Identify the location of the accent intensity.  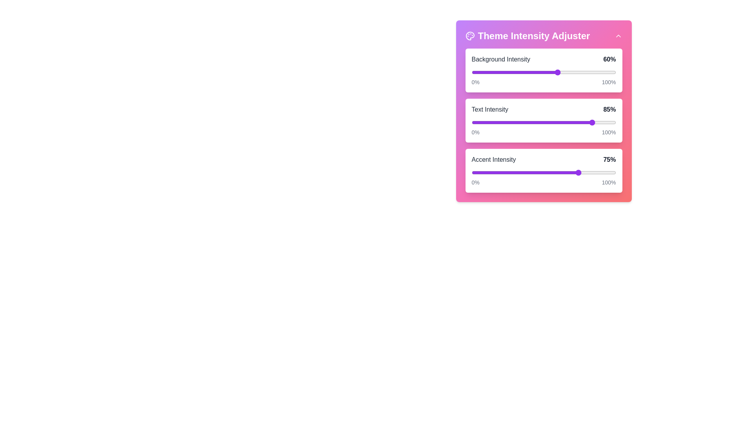
(474, 172).